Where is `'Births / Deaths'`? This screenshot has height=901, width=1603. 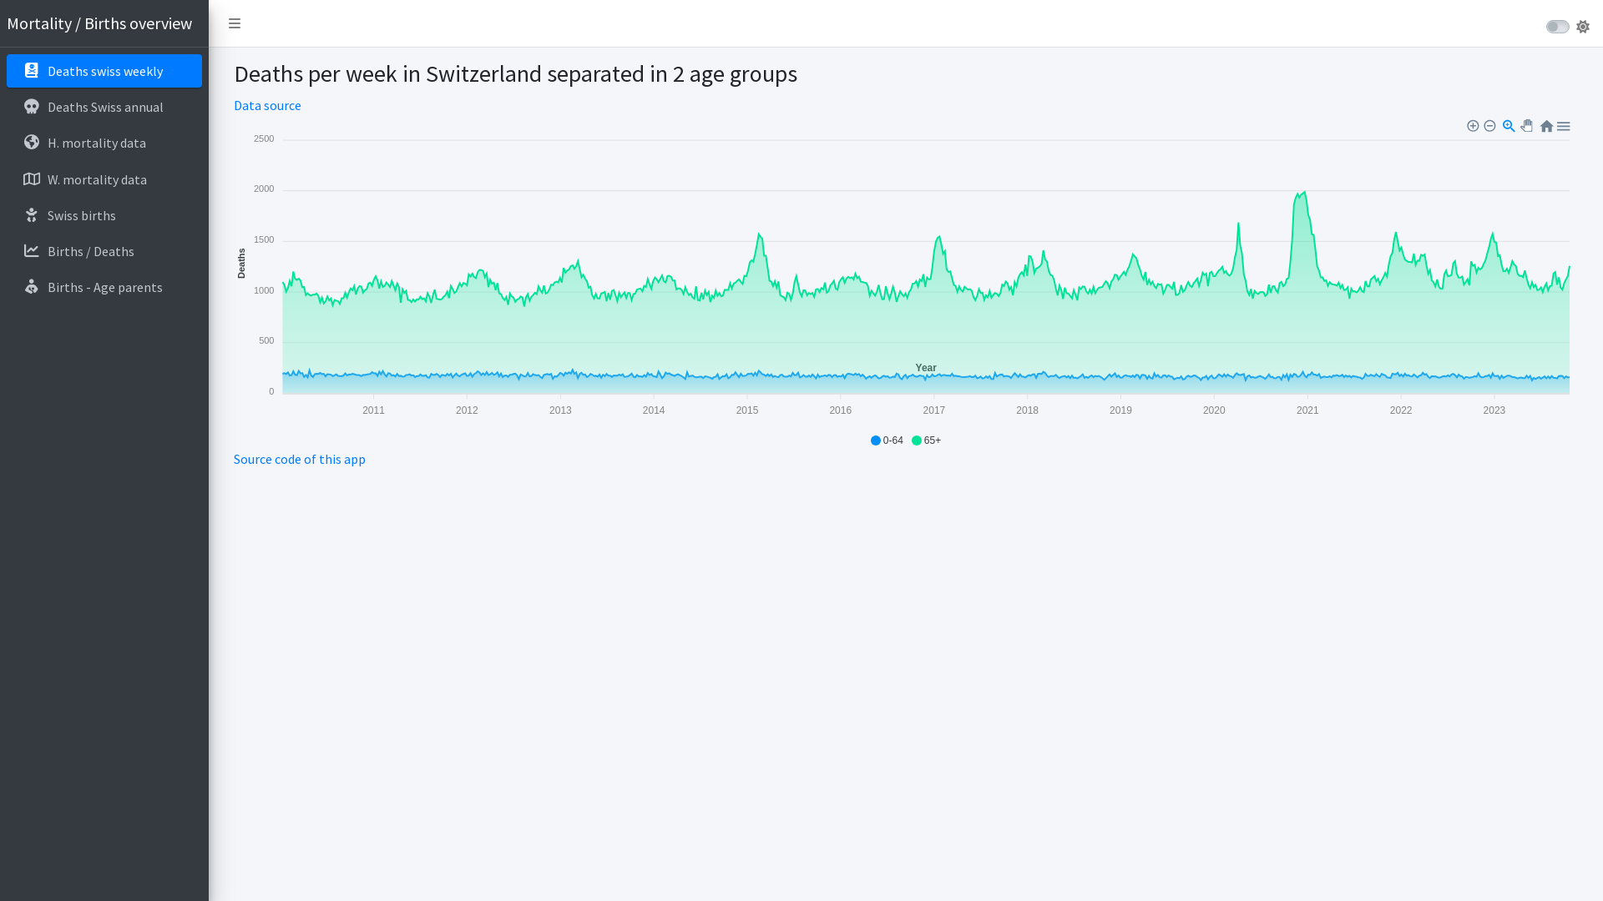 'Births / Deaths' is located at coordinates (103, 250).